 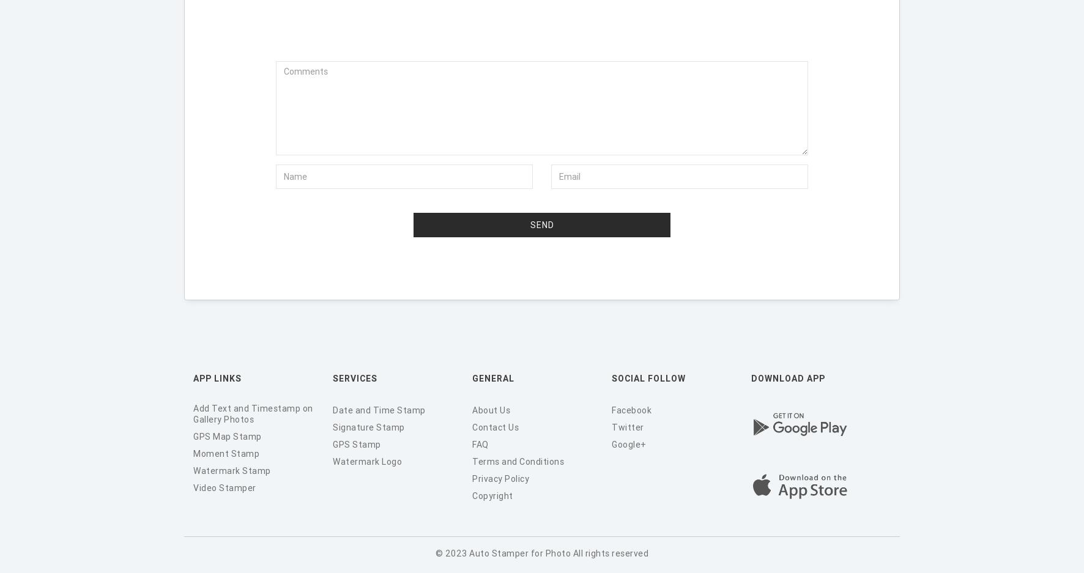 What do you see at coordinates (541, 224) in the screenshot?
I see `'Send'` at bounding box center [541, 224].